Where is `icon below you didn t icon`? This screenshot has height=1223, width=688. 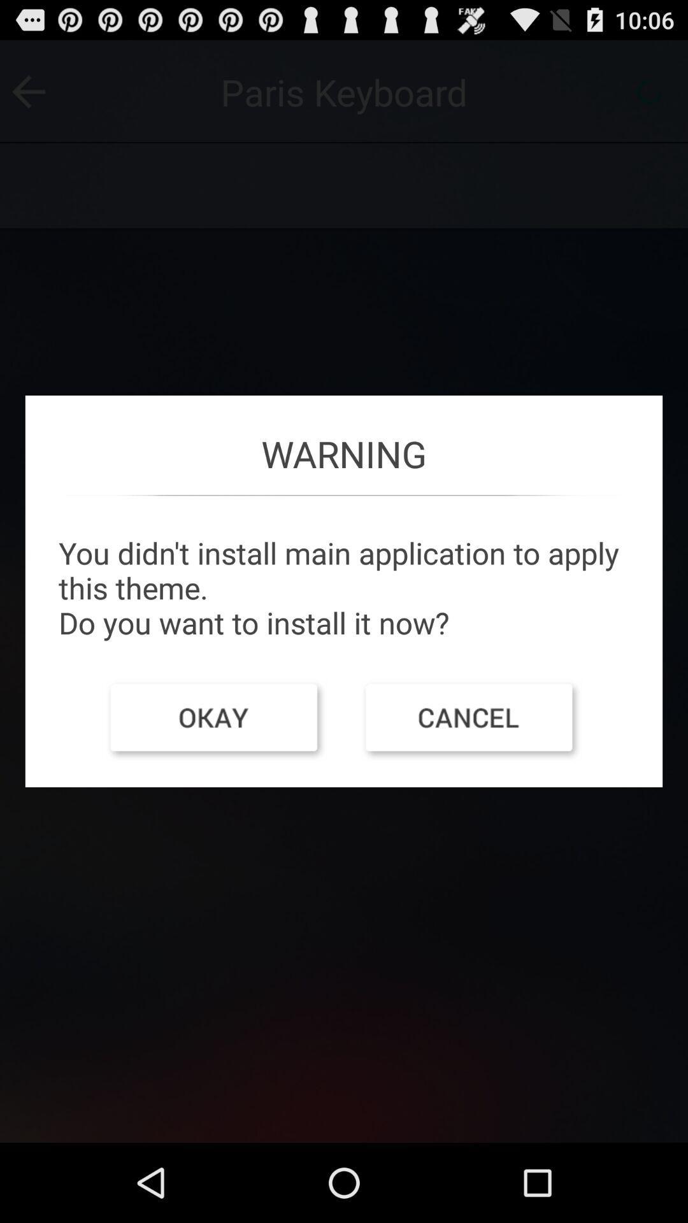
icon below you didn t icon is located at coordinates (215, 720).